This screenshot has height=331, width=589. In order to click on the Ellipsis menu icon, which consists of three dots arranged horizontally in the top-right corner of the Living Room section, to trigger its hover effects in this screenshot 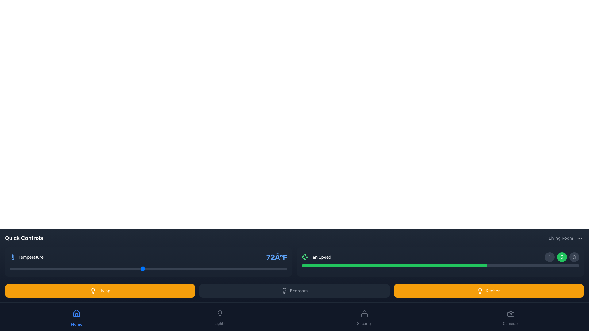, I will do `click(579, 238)`.